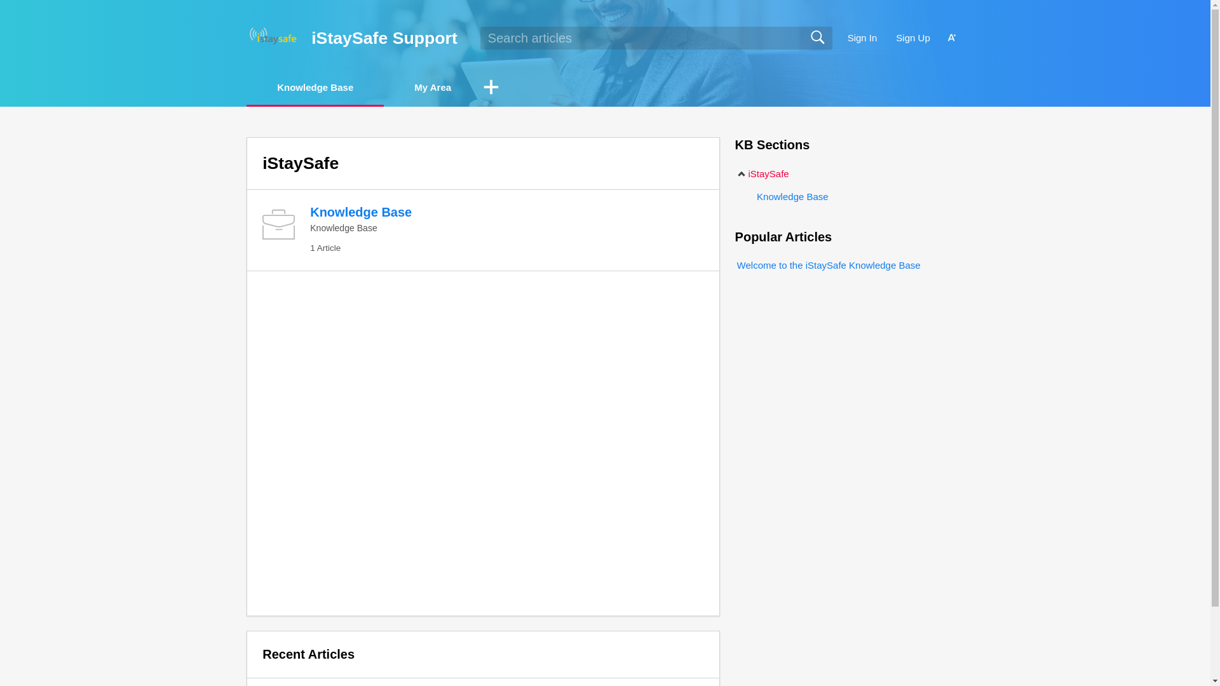 Image resolution: width=1220 pixels, height=686 pixels. I want to click on 'My Area', so click(433, 86).